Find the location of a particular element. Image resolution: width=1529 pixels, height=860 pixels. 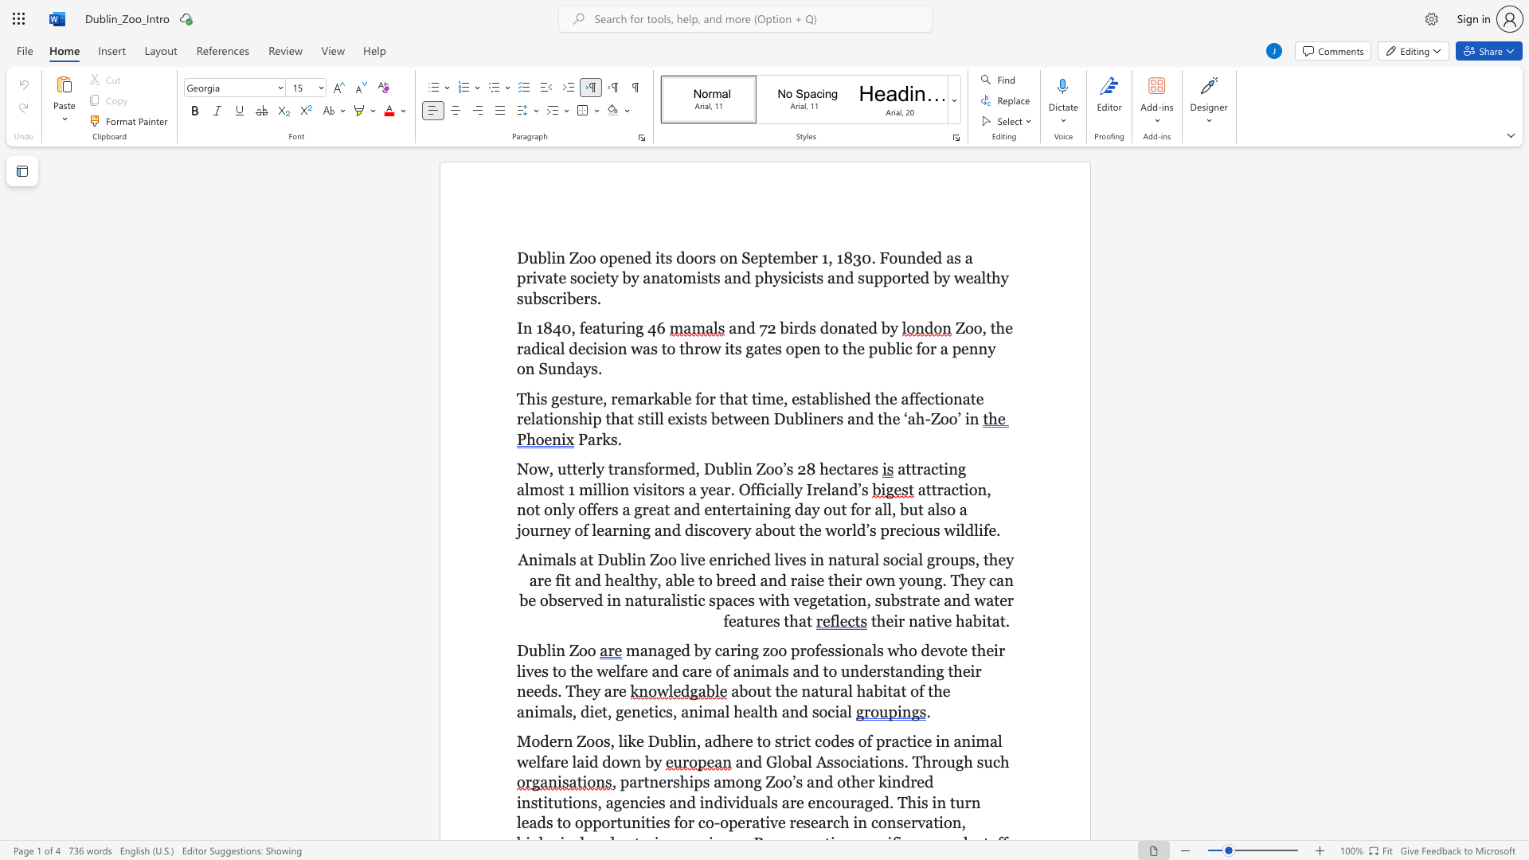

the subset text "onat" within the text "and 72 birds donated by" is located at coordinates (828, 327).